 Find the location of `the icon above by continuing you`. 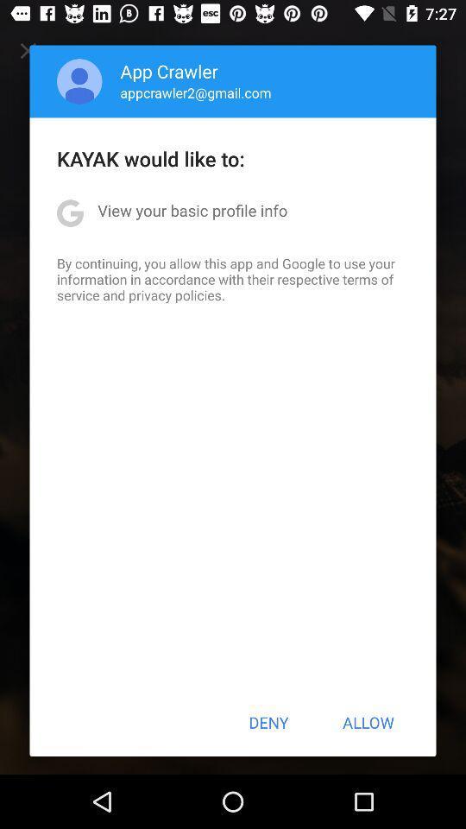

the icon above by continuing you is located at coordinates (192, 209).